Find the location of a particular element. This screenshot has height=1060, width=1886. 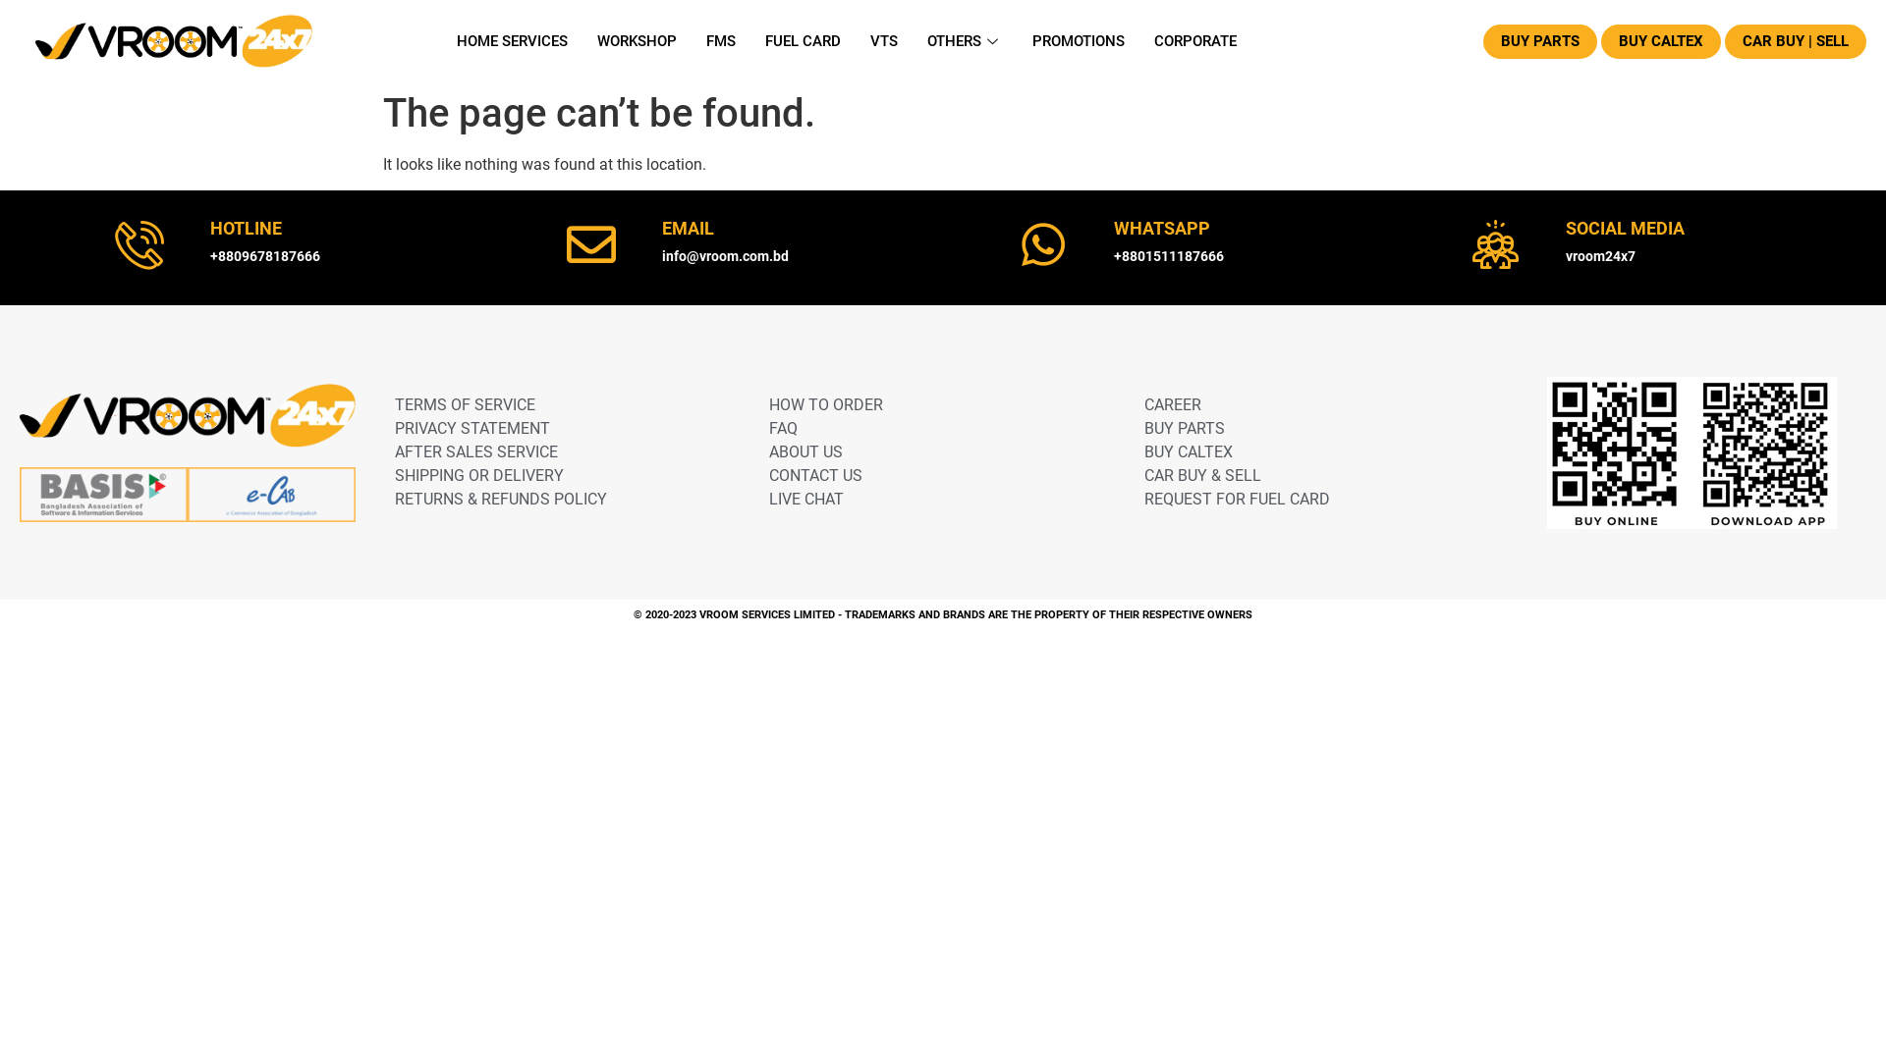

'VTS' is located at coordinates (855, 41).